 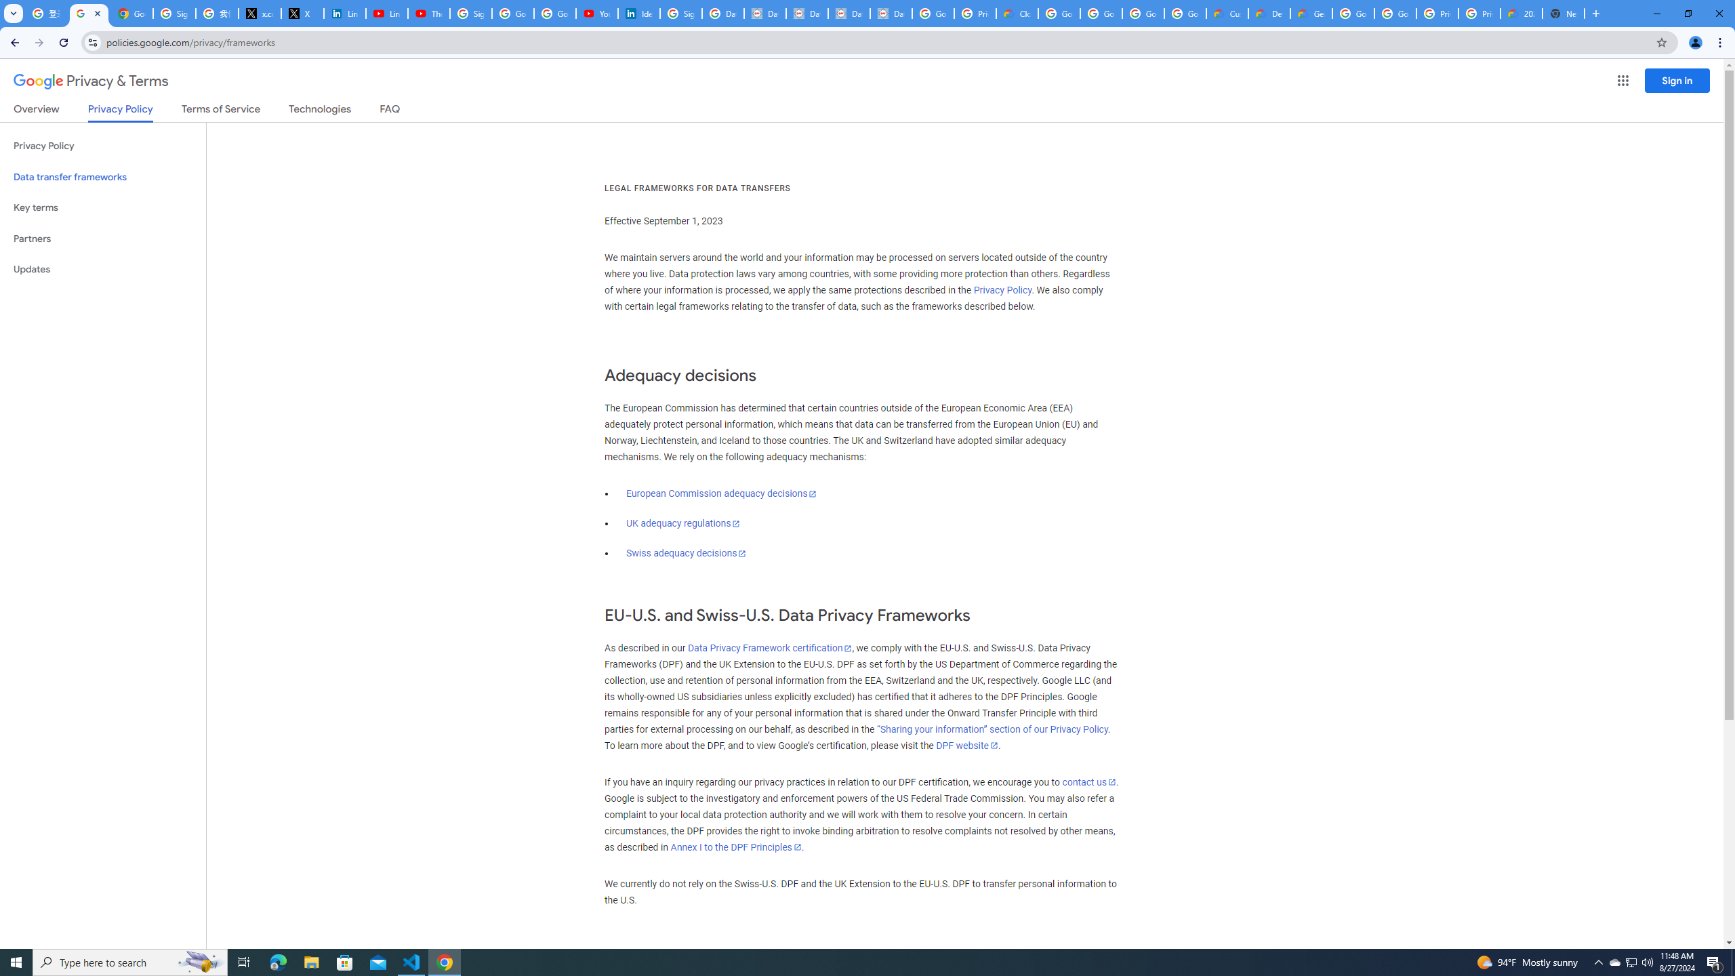 What do you see at coordinates (1564, 13) in the screenshot?
I see `'New Tab'` at bounding box center [1564, 13].